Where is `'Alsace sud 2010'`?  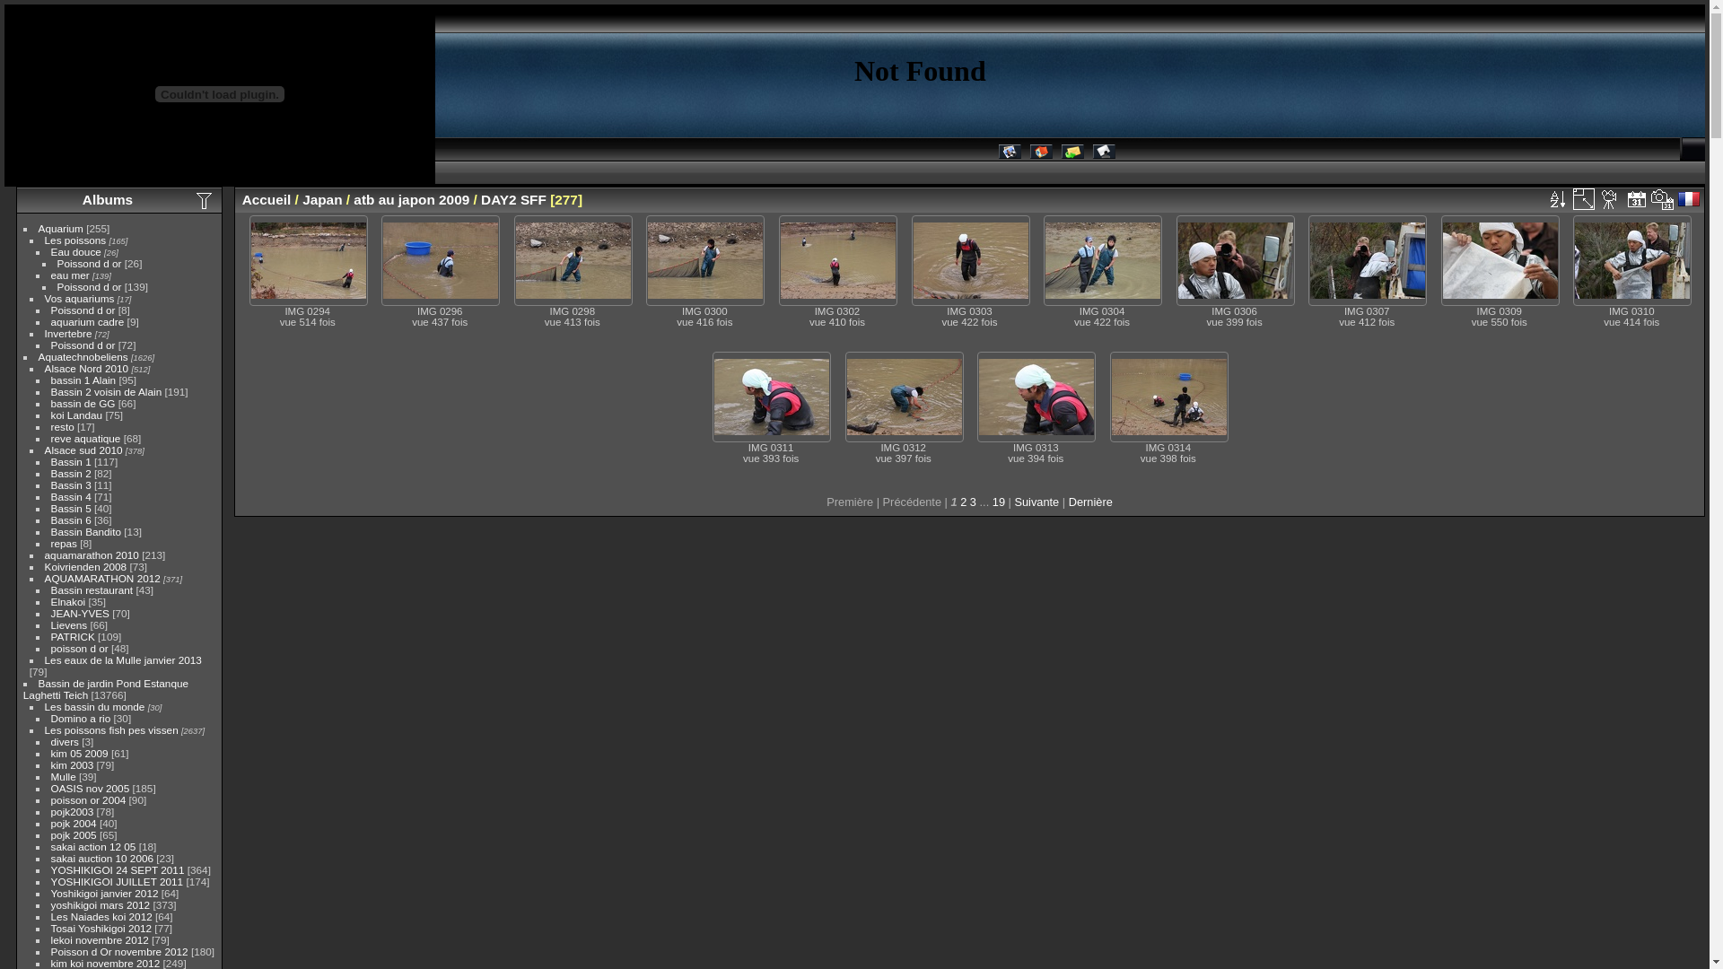 'Alsace sud 2010' is located at coordinates (83, 449).